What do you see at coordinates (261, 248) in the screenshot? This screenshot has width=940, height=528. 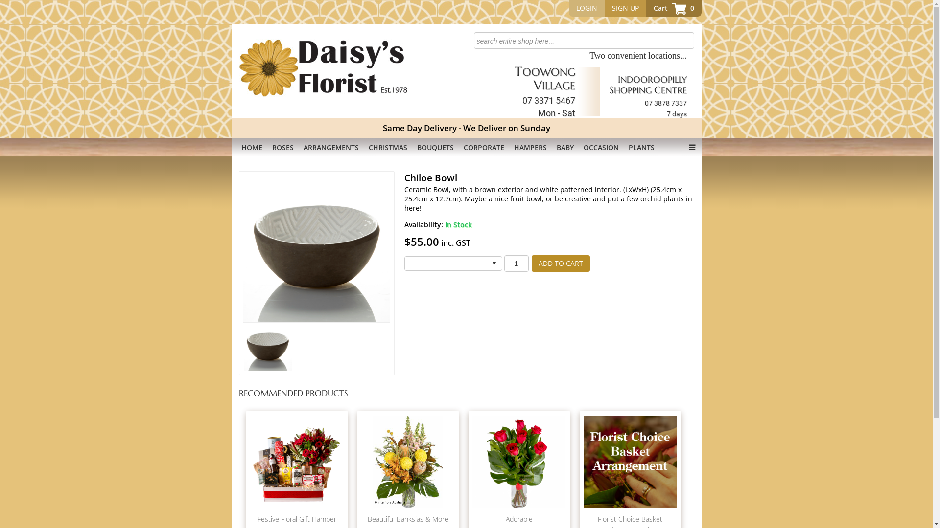 I see `'Previous Image'` at bounding box center [261, 248].